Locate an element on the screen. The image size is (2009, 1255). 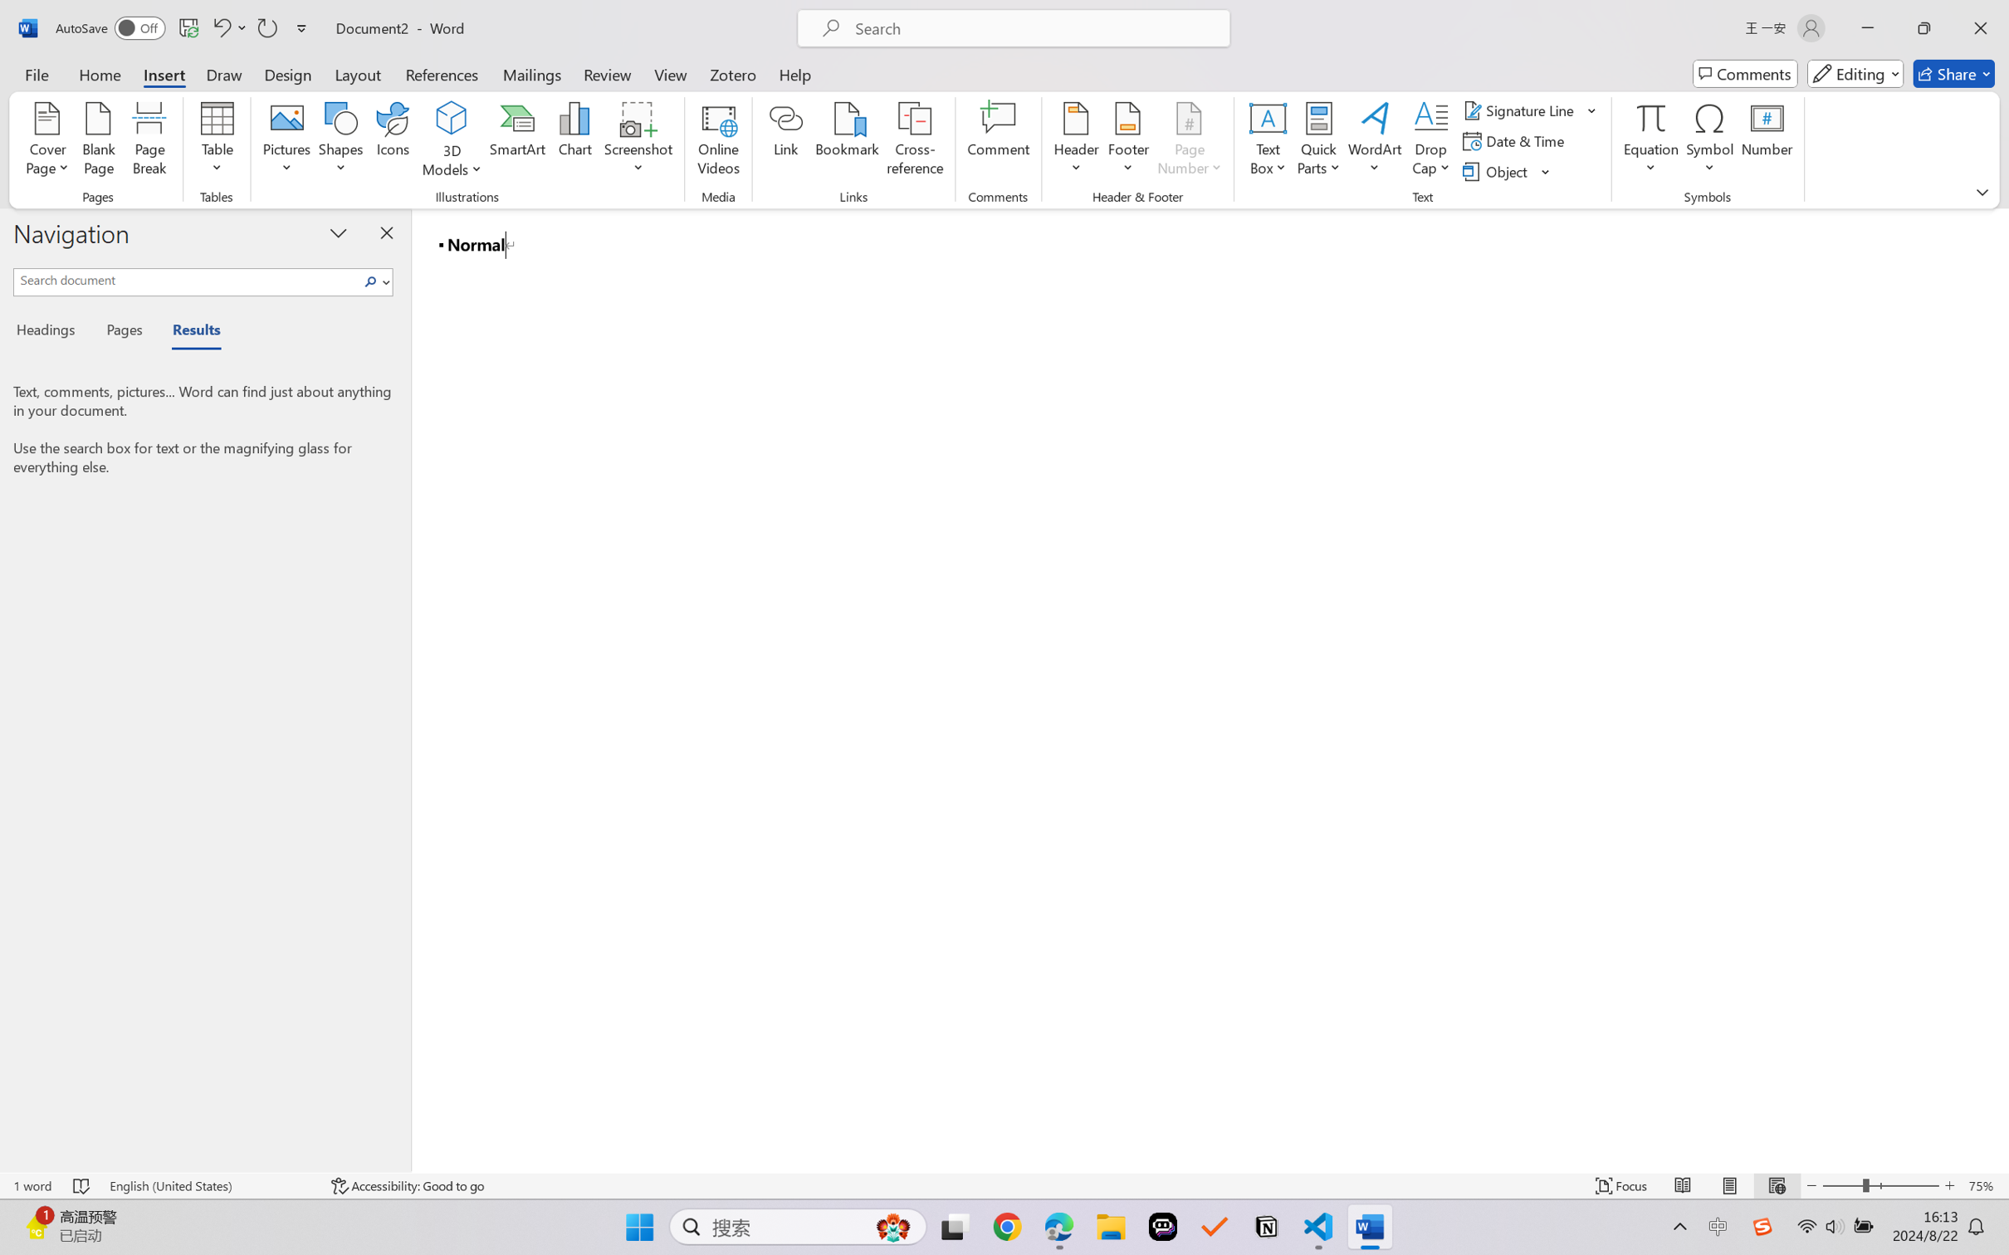
'Undo <ApplyStyleToDoc>b__0' is located at coordinates (220, 27).